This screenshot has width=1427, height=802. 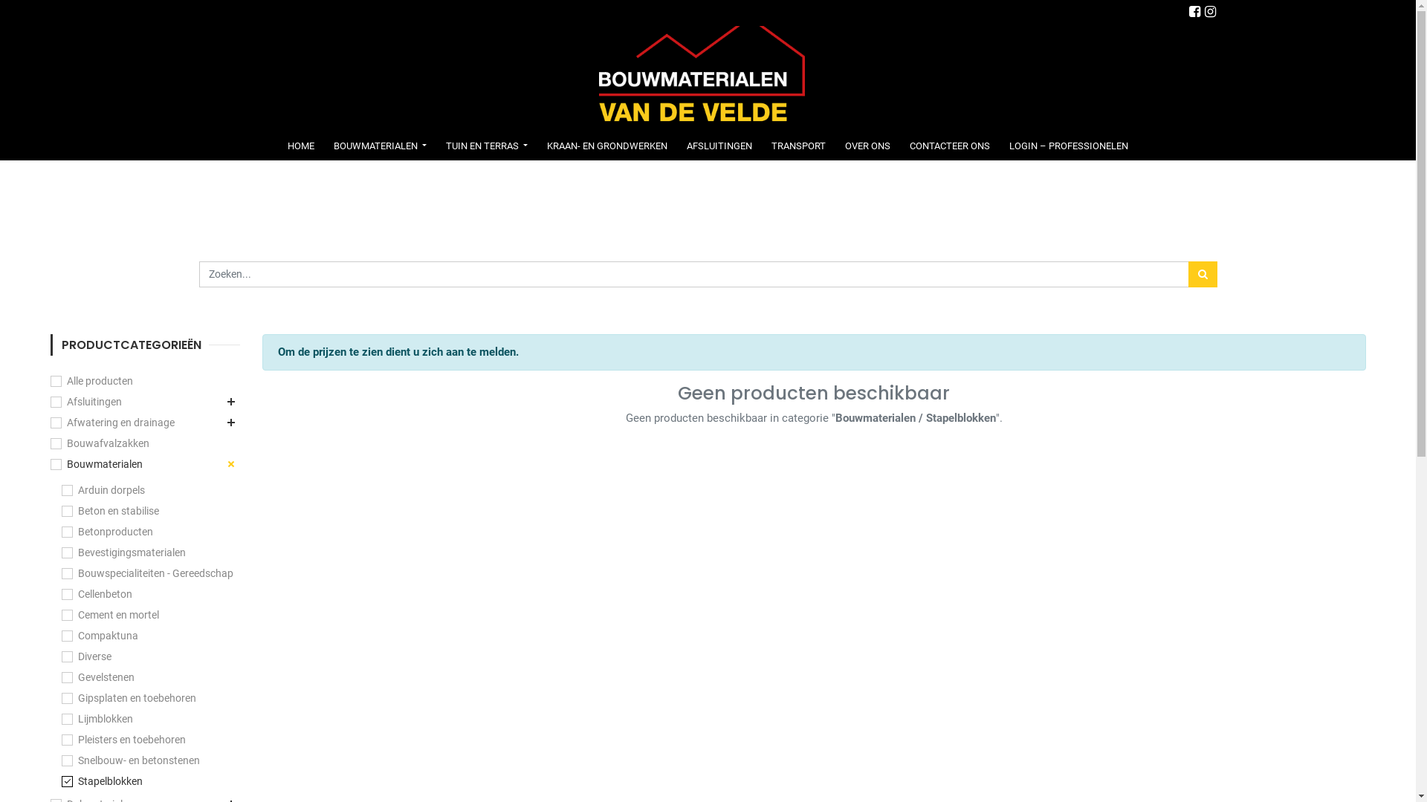 I want to click on 'Lijmblokken', so click(x=95, y=718).